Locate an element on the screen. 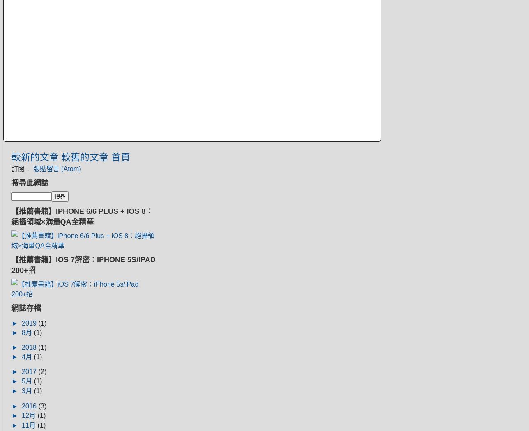 The width and height of the screenshot is (529, 431). '11月' is located at coordinates (29, 424).